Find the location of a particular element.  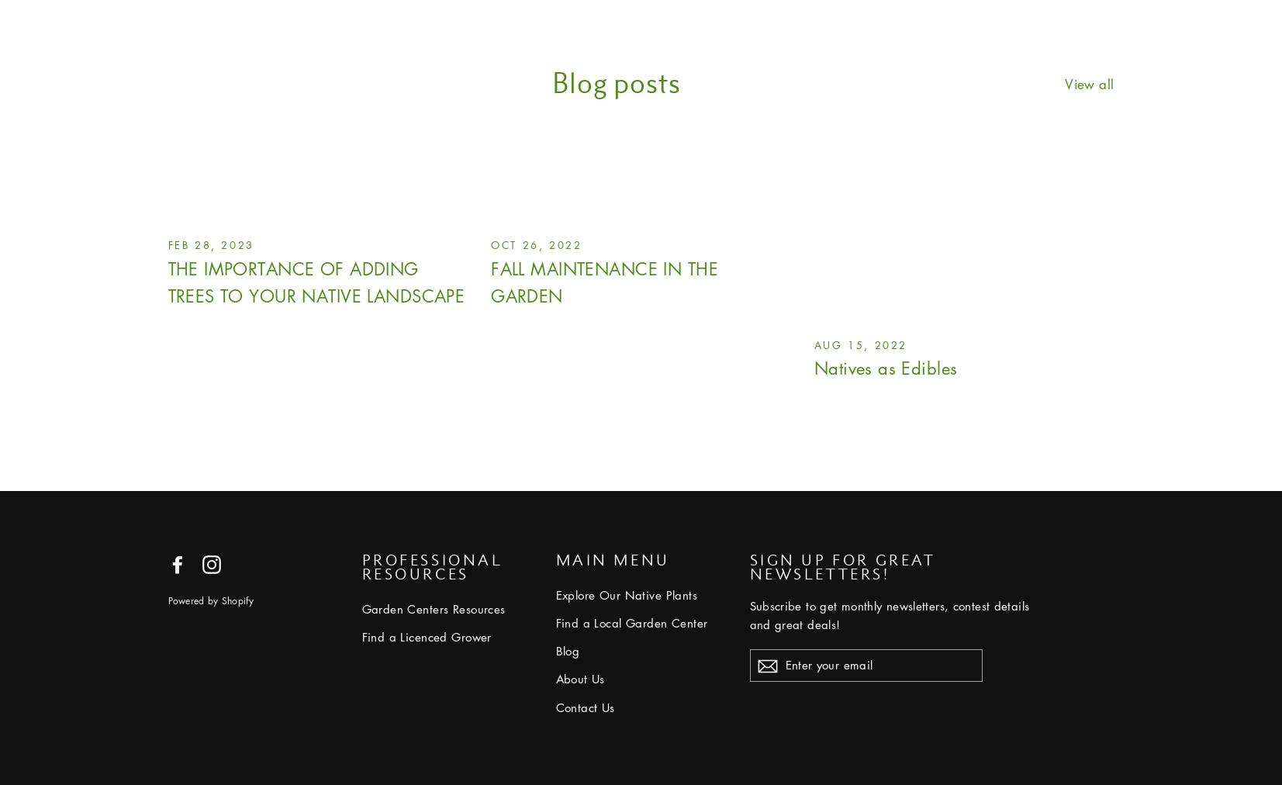

'Feb 28, 2023' is located at coordinates (209, 243).